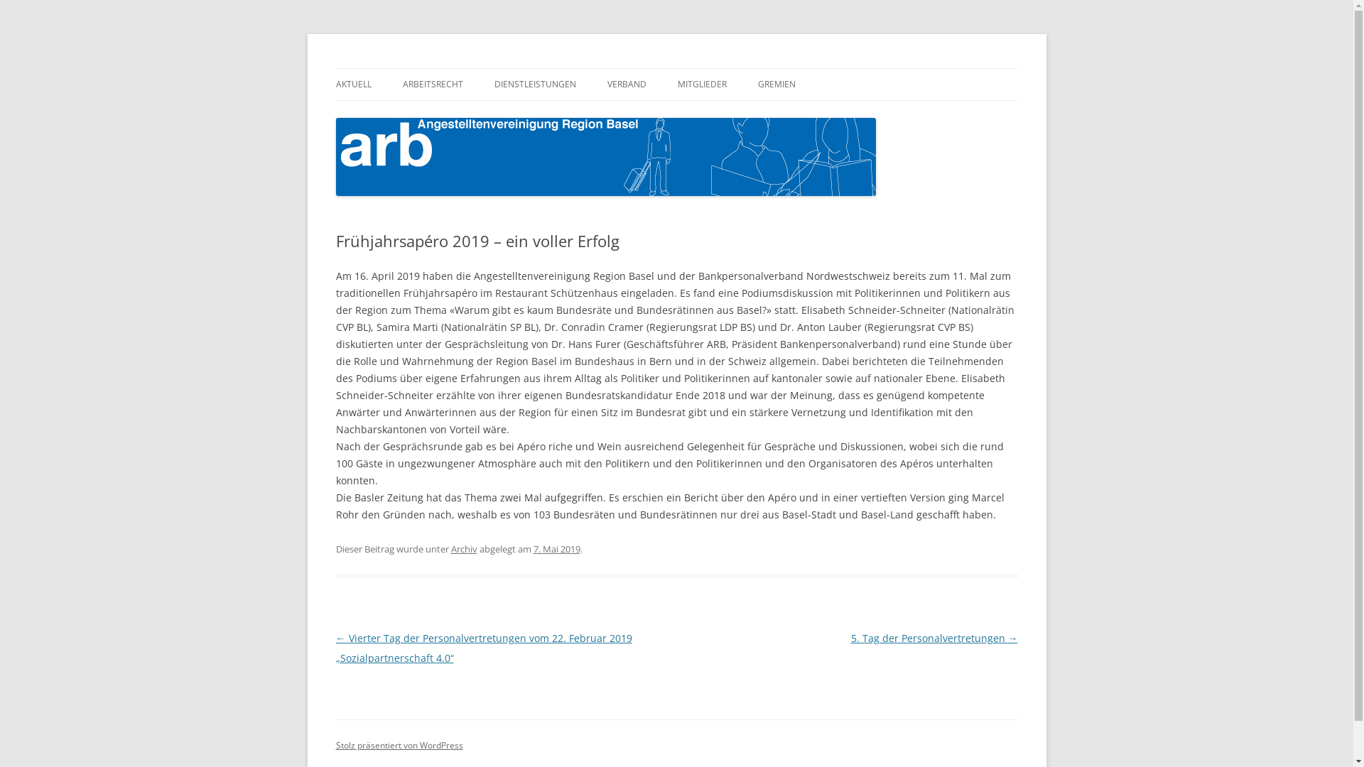 The image size is (1364, 767). Describe the element at coordinates (473, 114) in the screenshot. I see `'GAV DIENSTLEISTUNGSBEREICH'` at that location.